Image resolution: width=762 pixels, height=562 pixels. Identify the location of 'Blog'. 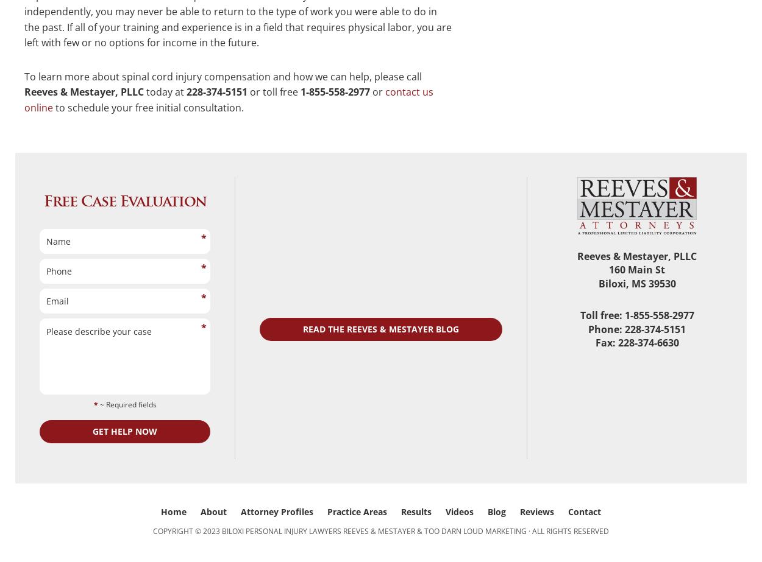
(488, 511).